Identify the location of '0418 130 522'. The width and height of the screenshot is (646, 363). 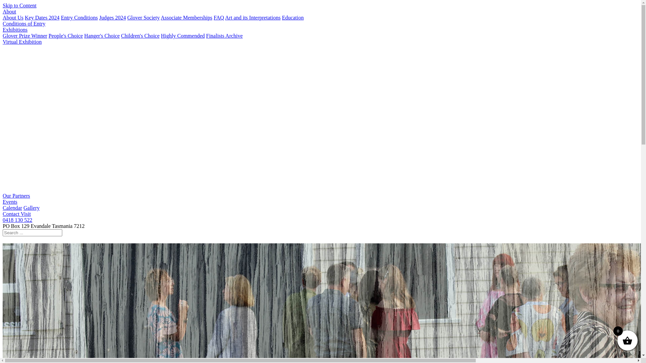
(17, 220).